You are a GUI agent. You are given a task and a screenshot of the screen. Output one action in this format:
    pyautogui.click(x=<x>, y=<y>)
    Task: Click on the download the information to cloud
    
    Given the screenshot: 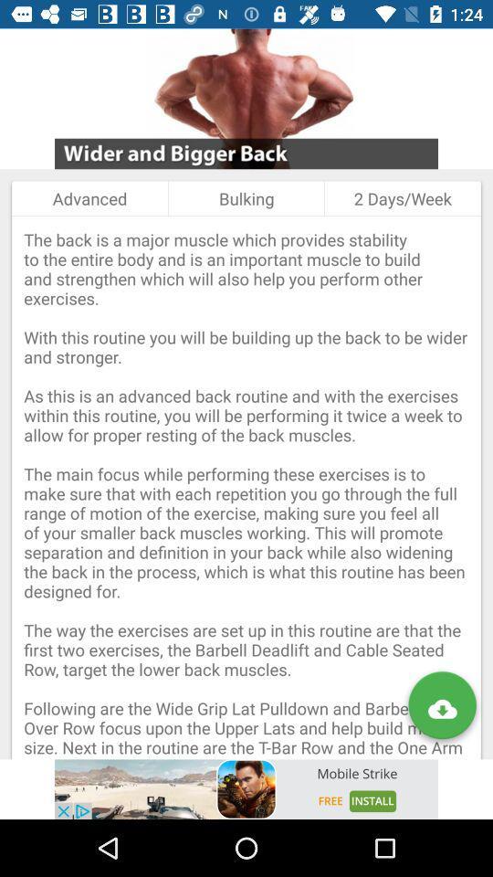 What is the action you would take?
    pyautogui.click(x=441, y=708)
    